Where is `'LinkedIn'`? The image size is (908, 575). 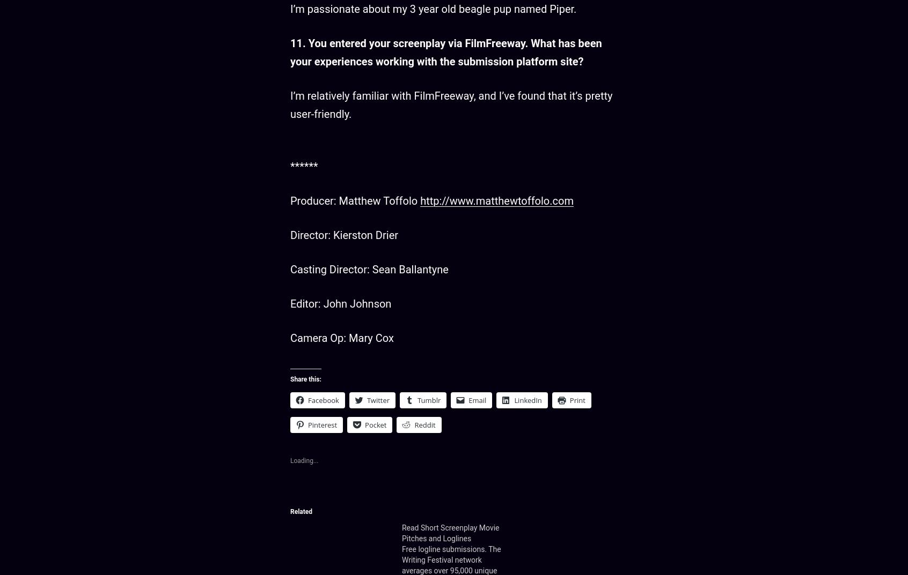
'LinkedIn' is located at coordinates (528, 399).